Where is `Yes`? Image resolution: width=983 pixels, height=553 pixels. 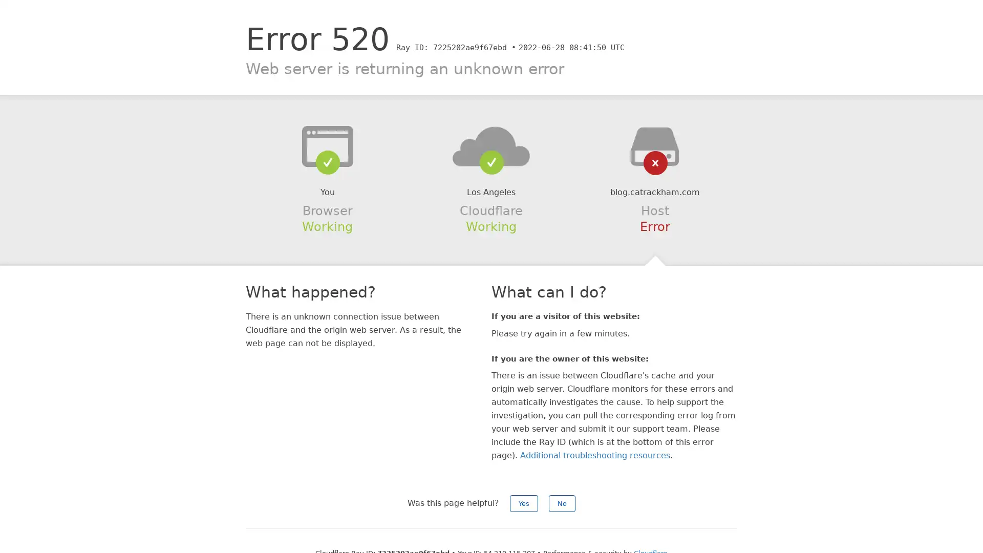 Yes is located at coordinates (524, 503).